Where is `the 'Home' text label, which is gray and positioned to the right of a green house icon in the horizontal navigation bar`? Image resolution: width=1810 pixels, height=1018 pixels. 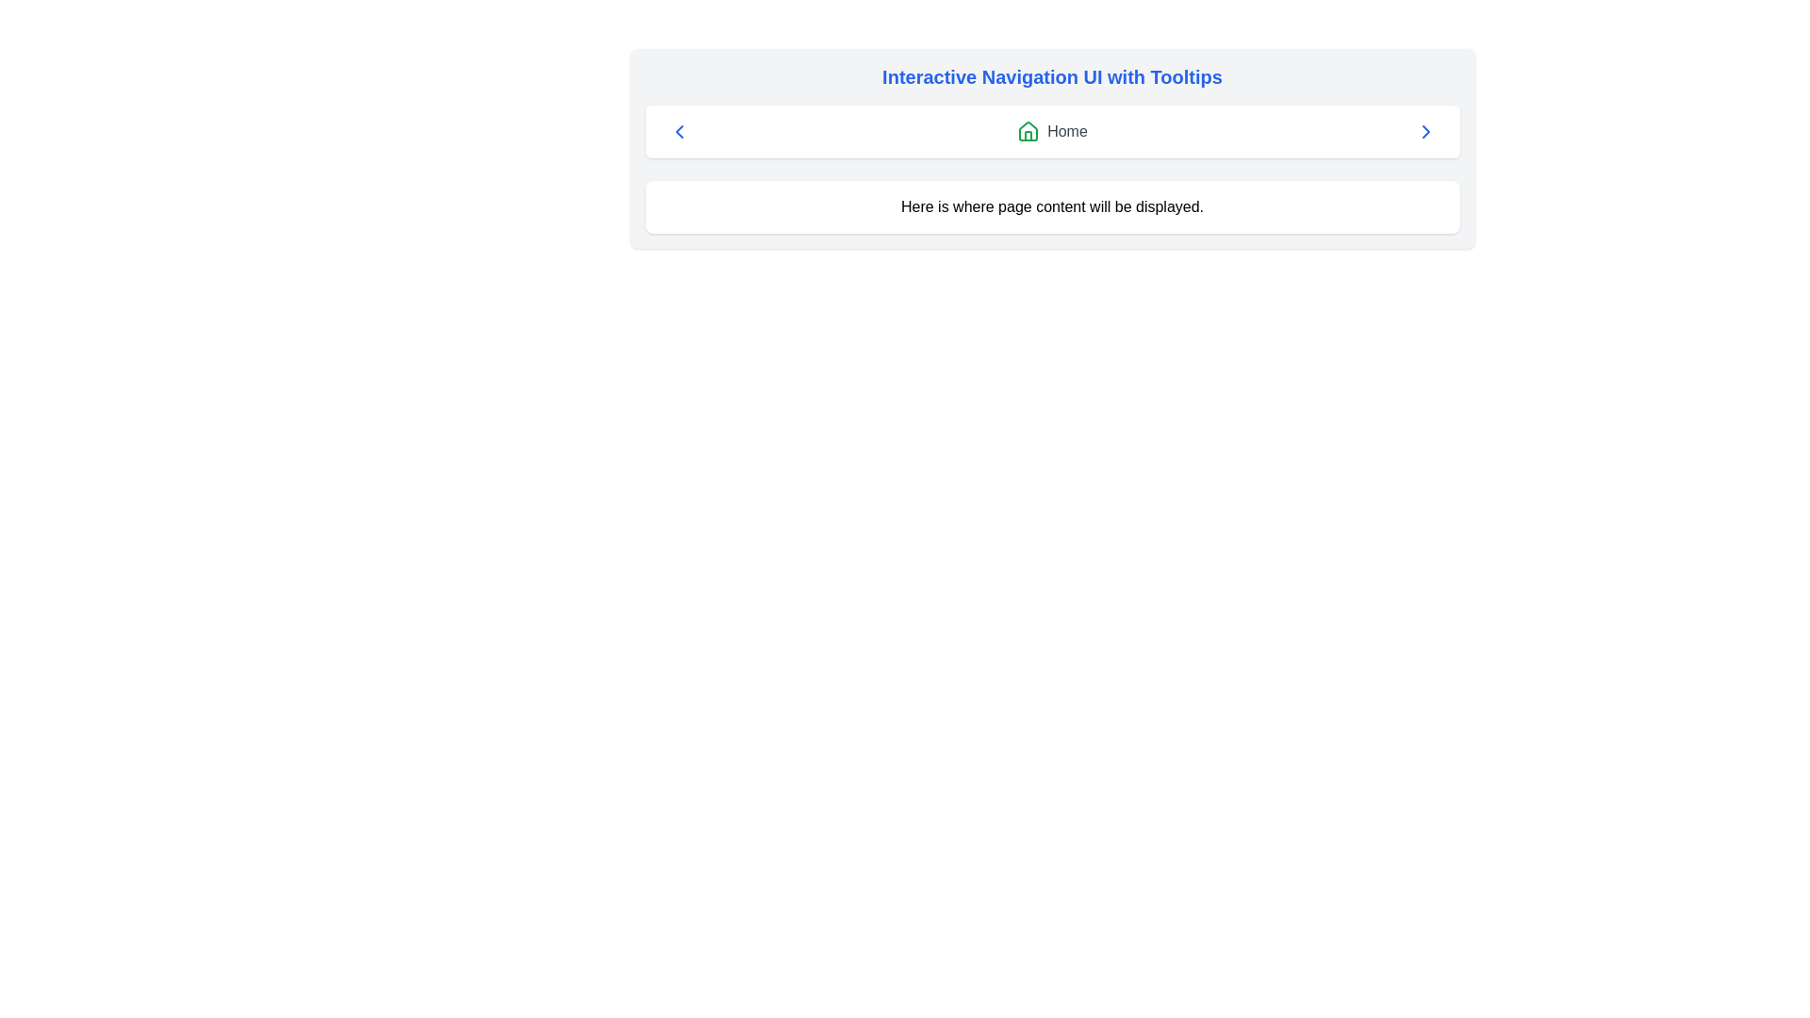
the 'Home' text label, which is gray and positioned to the right of a green house icon in the horizontal navigation bar is located at coordinates (1067, 130).